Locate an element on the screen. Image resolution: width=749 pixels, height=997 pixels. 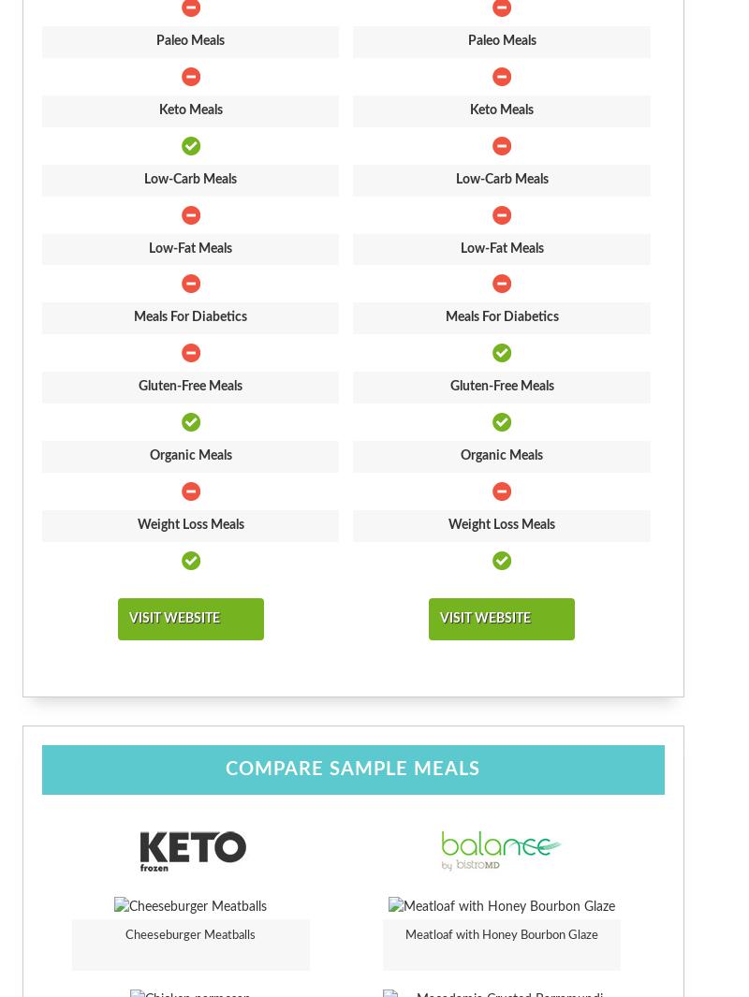
'Cheeseburger Meatballs' is located at coordinates (125, 935).